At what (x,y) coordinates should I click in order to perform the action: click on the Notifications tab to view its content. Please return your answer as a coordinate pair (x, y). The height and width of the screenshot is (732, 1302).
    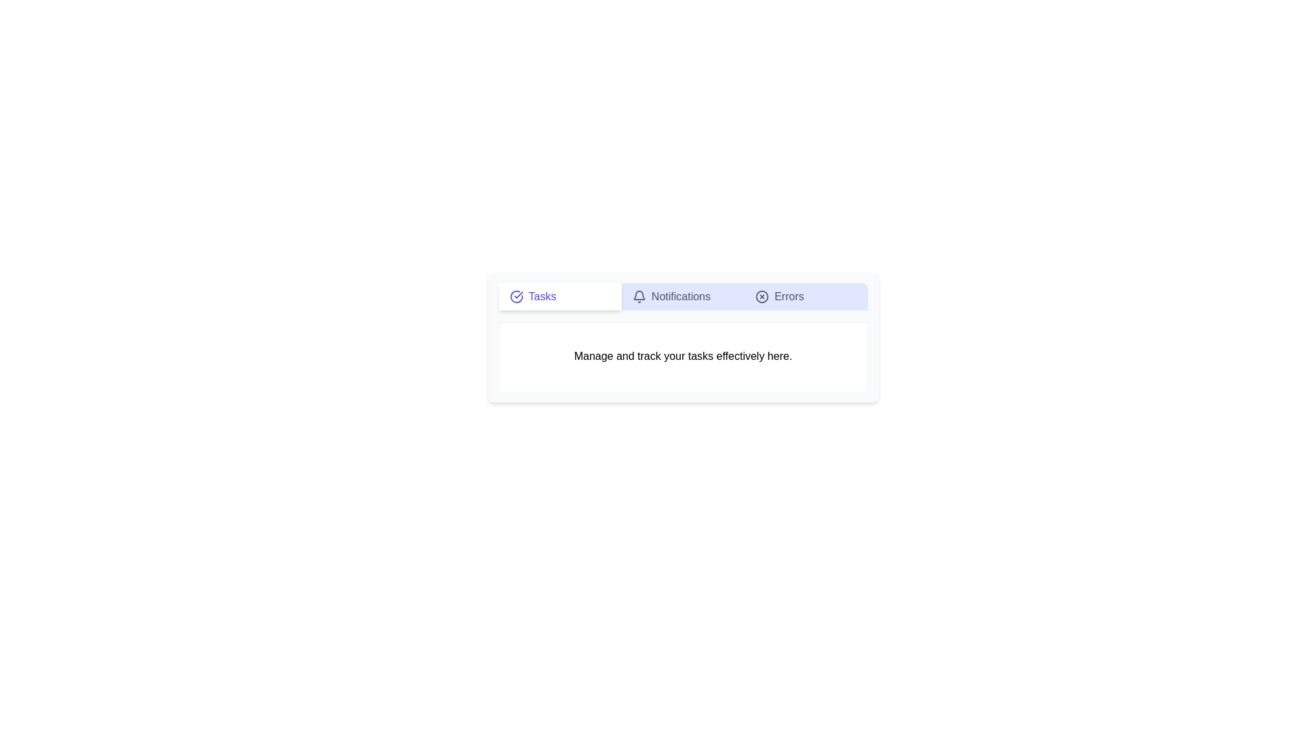
    Looking at the image, I should click on (683, 296).